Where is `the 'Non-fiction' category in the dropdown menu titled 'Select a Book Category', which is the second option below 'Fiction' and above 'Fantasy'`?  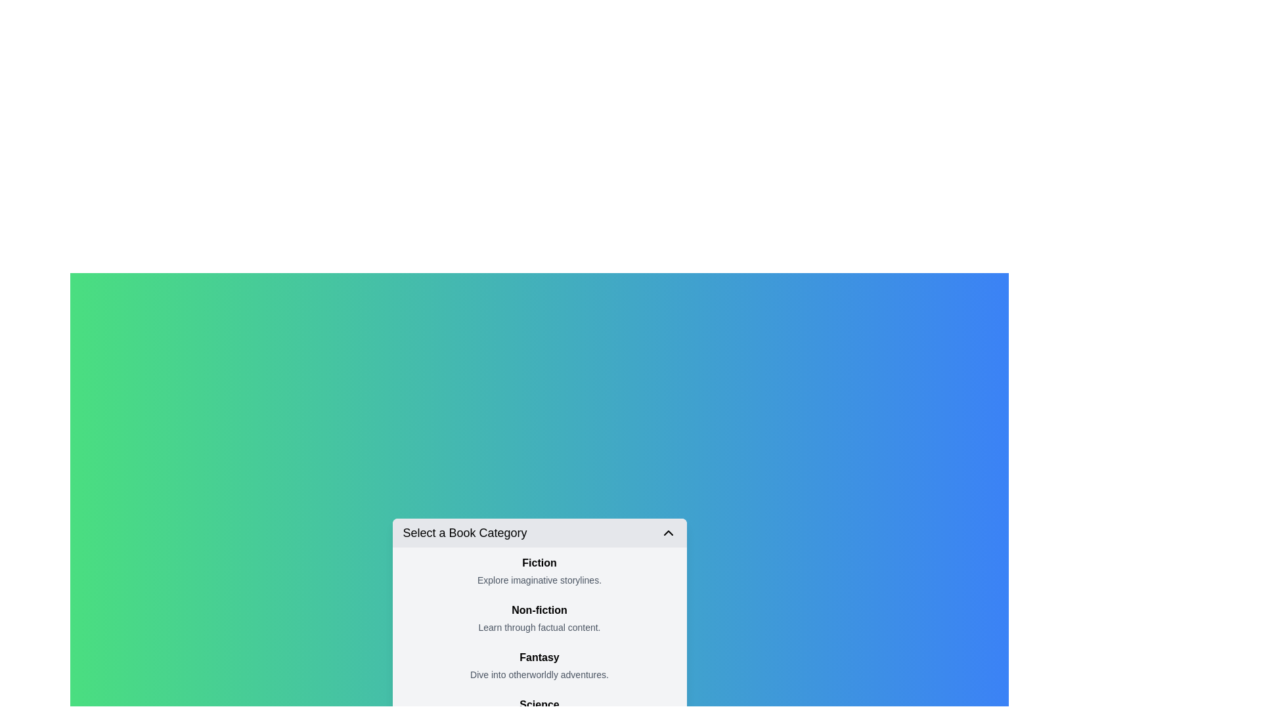 the 'Non-fiction' category in the dropdown menu titled 'Select a Book Category', which is the second option below 'Fiction' and above 'Fantasy' is located at coordinates (539, 618).